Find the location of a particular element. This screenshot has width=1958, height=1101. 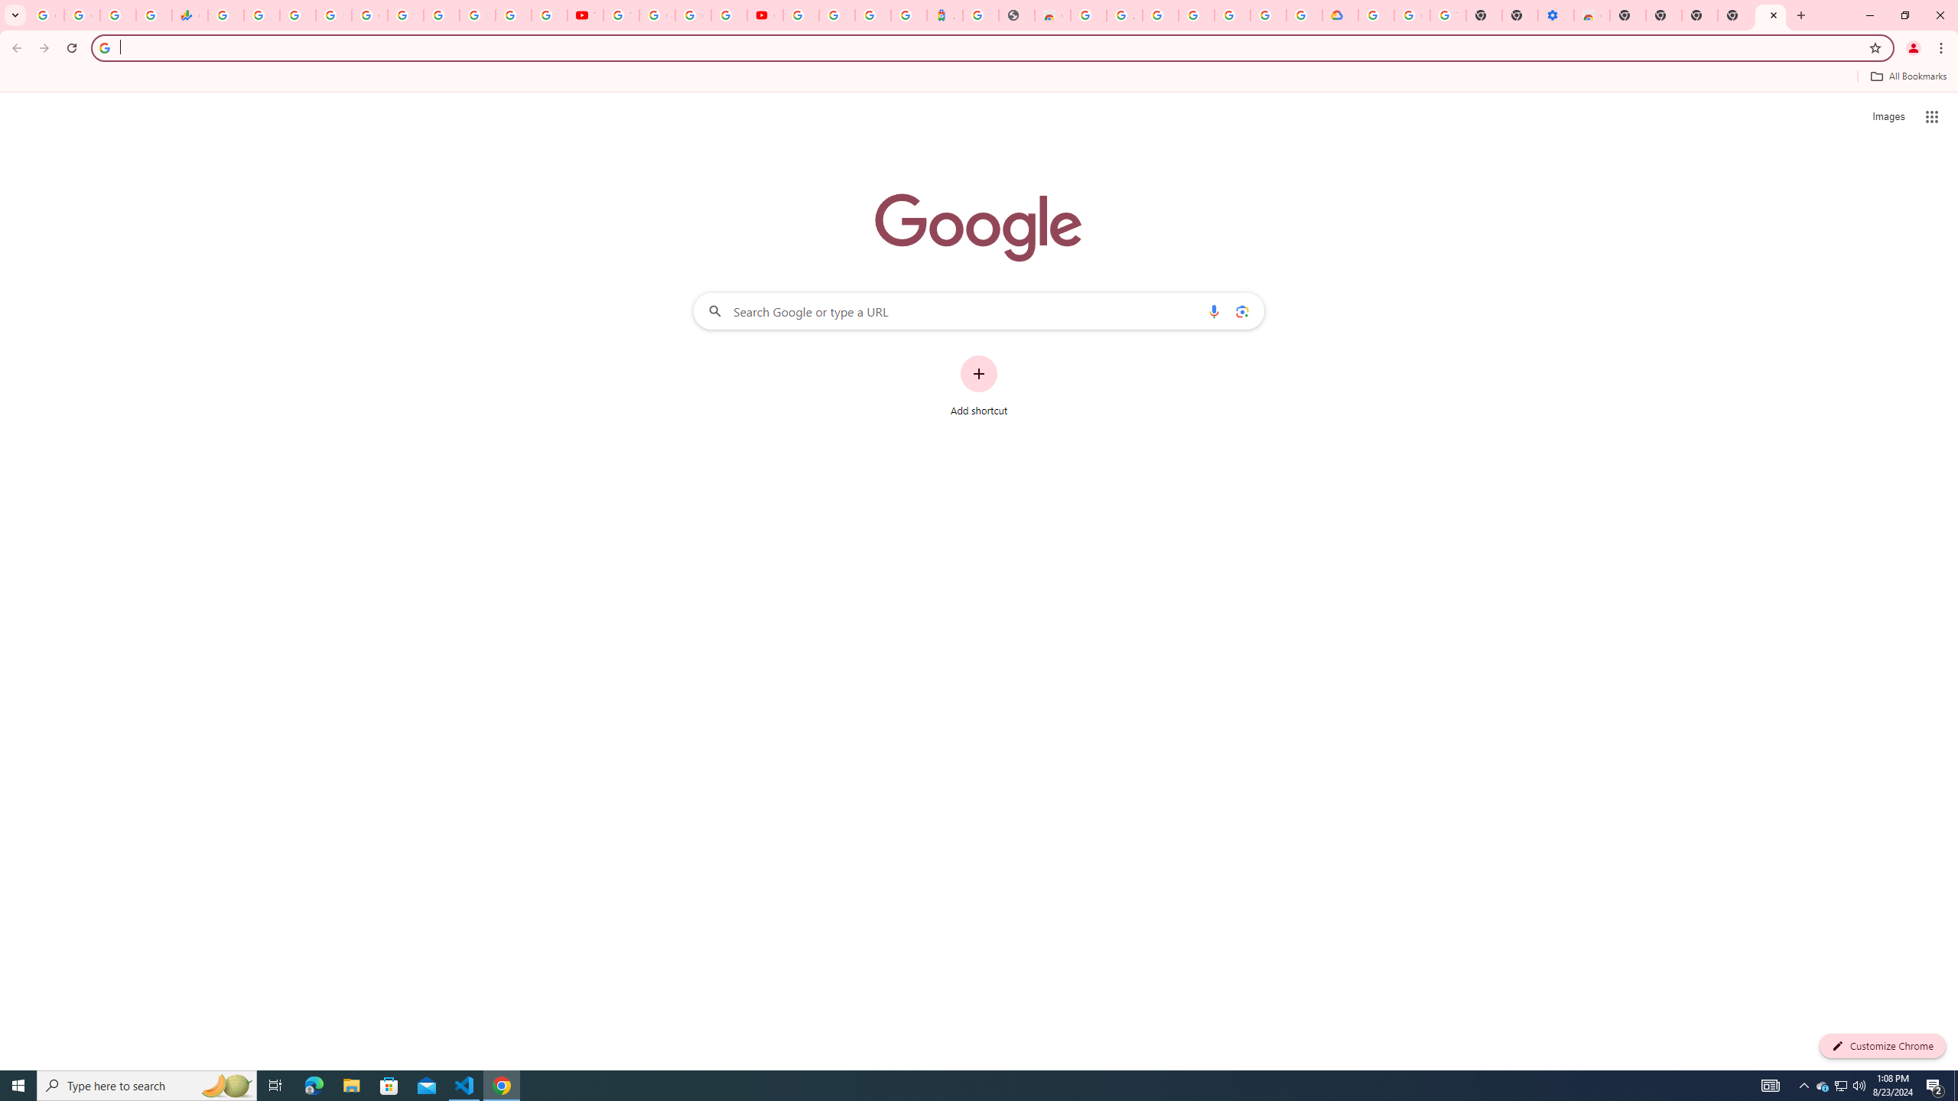

'Atour Hotel - Google hotels' is located at coordinates (945, 15).